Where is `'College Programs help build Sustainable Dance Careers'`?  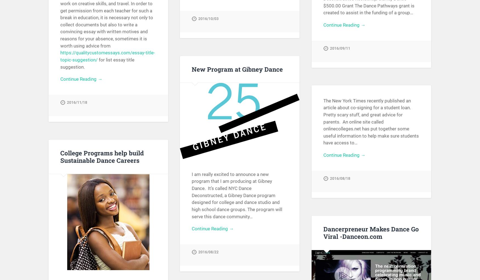 'College Programs help build Sustainable Dance Careers' is located at coordinates (102, 156).